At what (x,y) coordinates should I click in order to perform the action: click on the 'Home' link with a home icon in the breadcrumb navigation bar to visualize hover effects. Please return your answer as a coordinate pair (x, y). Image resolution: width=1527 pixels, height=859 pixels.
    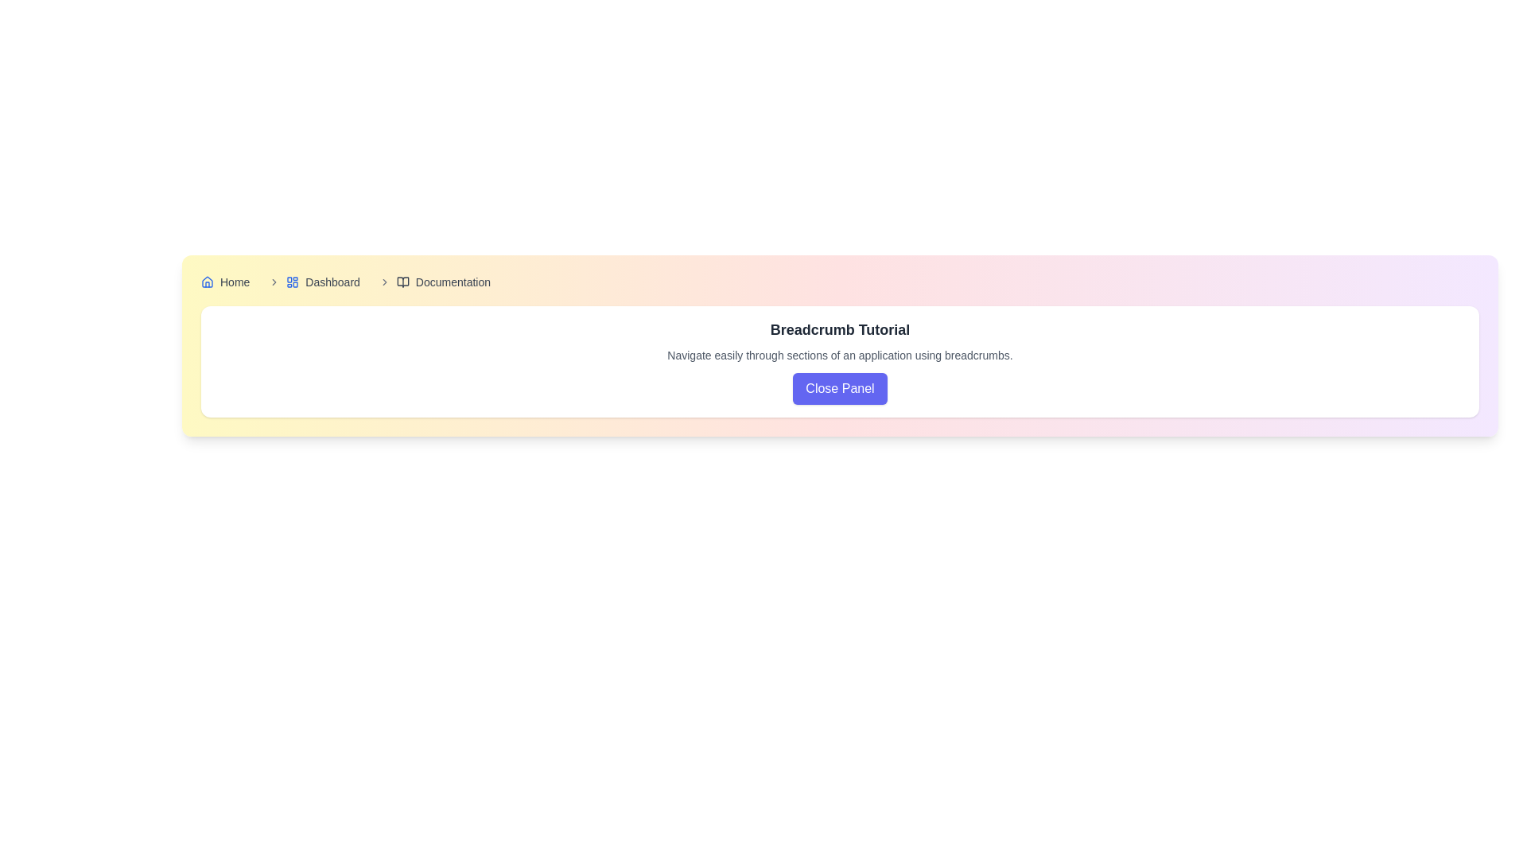
    Looking at the image, I should click on (224, 281).